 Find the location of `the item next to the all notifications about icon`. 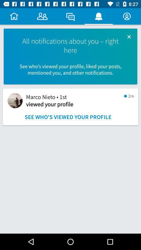

the item next to the all notifications about icon is located at coordinates (129, 36).